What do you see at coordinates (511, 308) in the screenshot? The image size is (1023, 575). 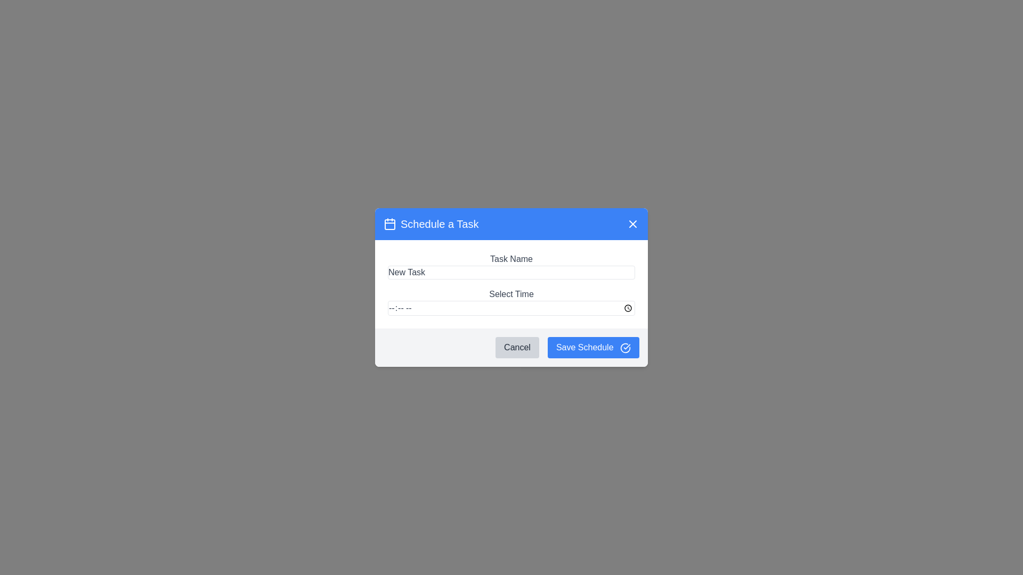 I see `the 'Select Time' input field to activate it and allow the user to change the time` at bounding box center [511, 308].